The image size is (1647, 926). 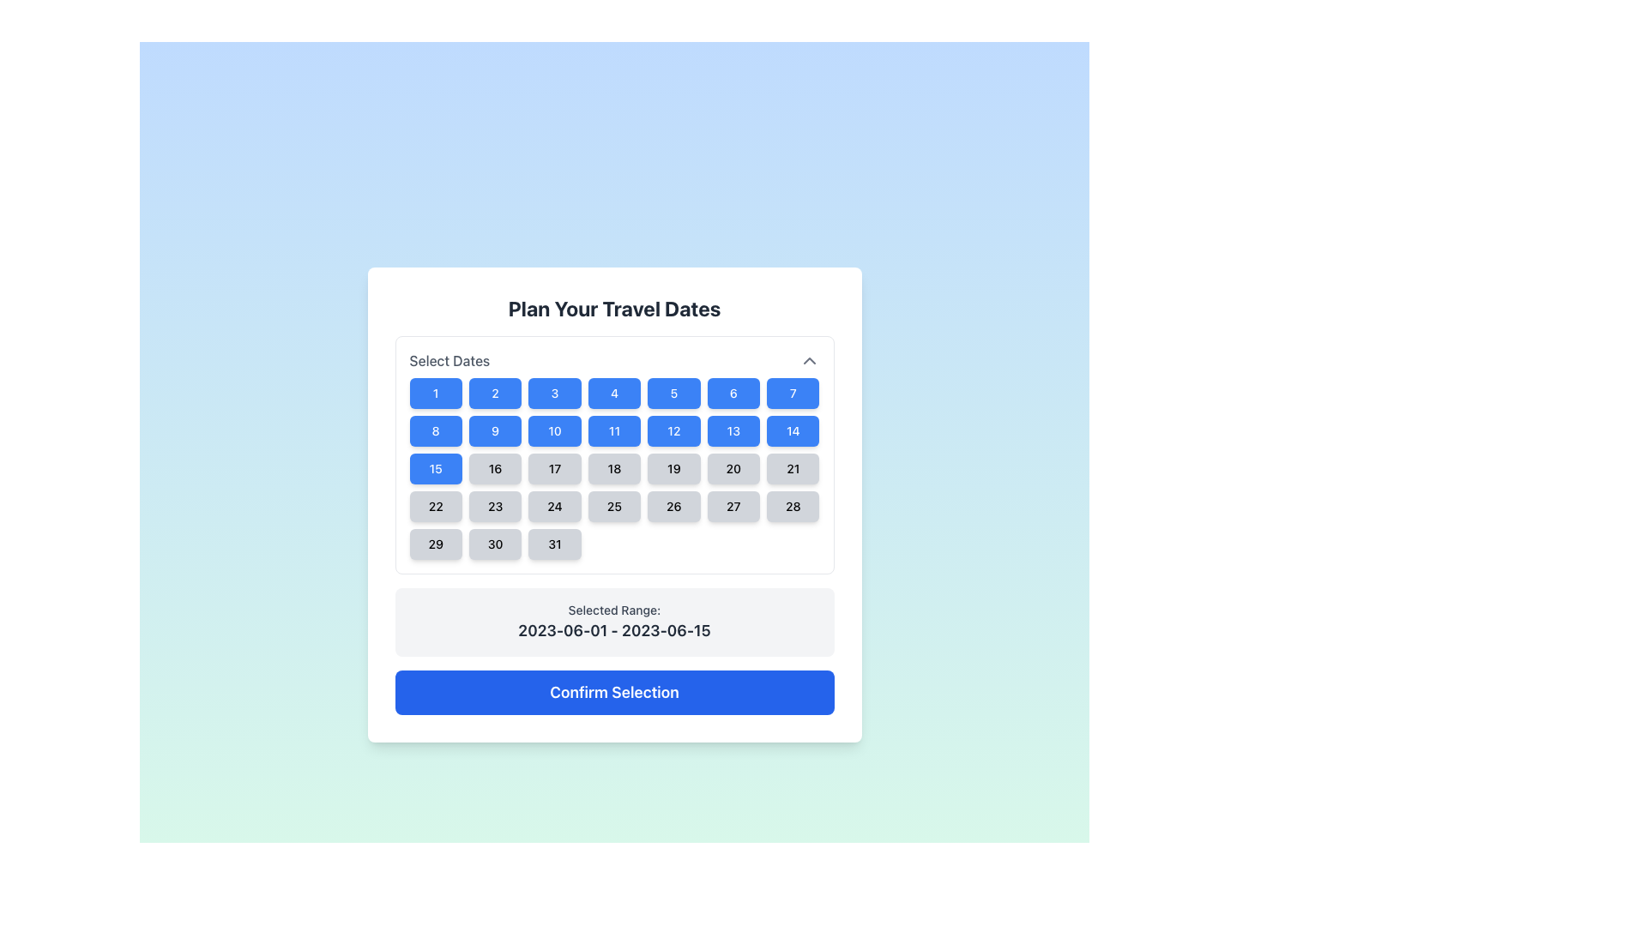 What do you see at coordinates (436, 430) in the screenshot?
I see `the button labeled '8' in the second row and first column of the calendar grid within the 'Select Dates' section` at bounding box center [436, 430].